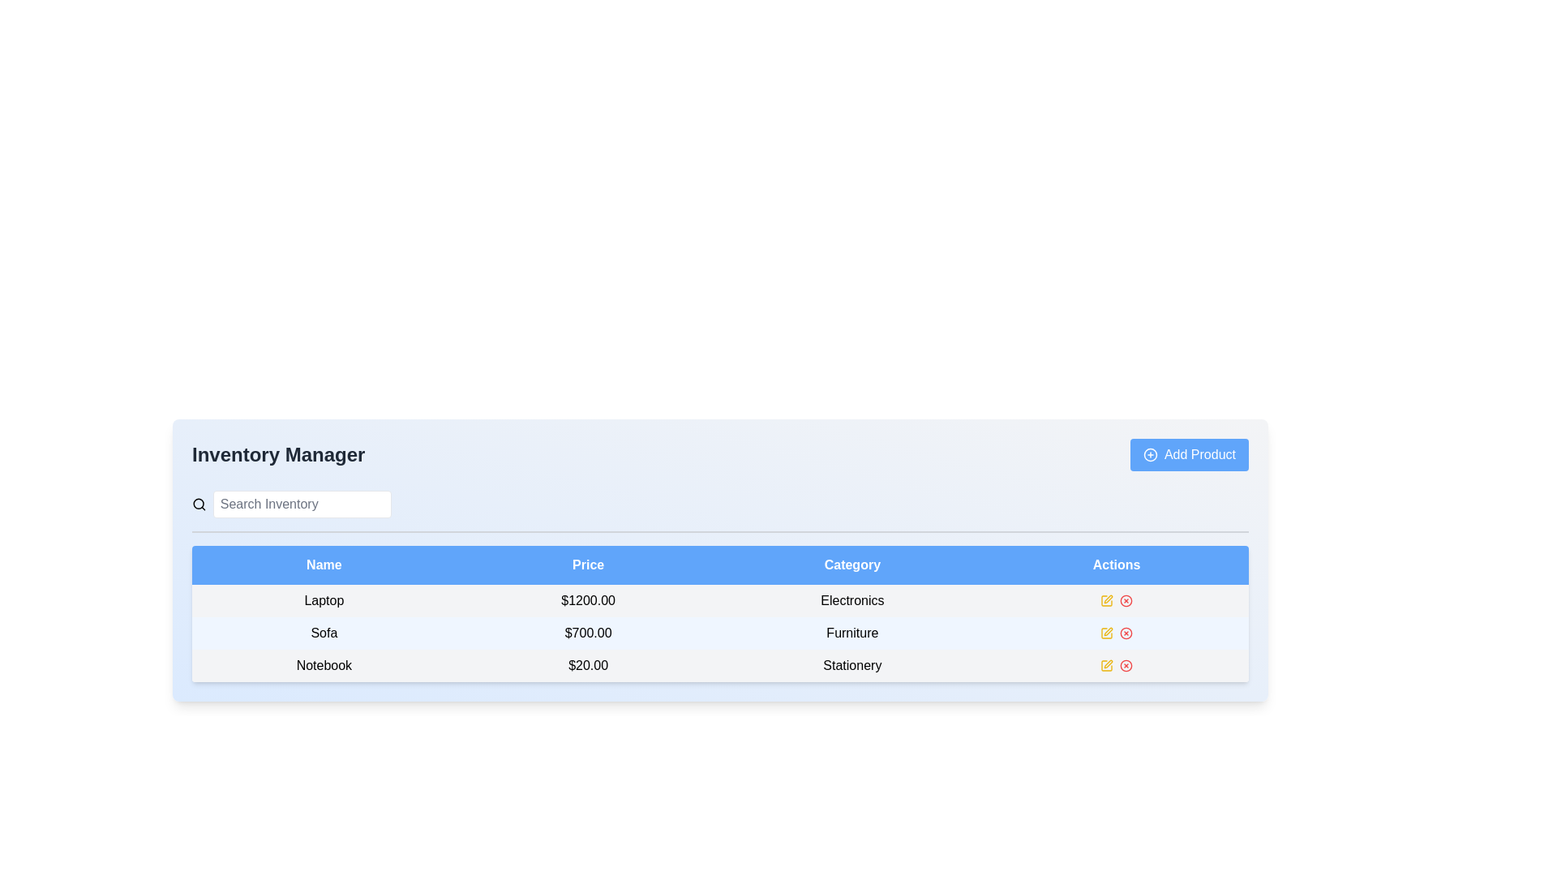 The image size is (1557, 876). I want to click on the 'Category' header text label, which is the third header in a sequence of four, positioned between 'Price' and 'Actions' at the top-center area of the table, so click(851, 565).